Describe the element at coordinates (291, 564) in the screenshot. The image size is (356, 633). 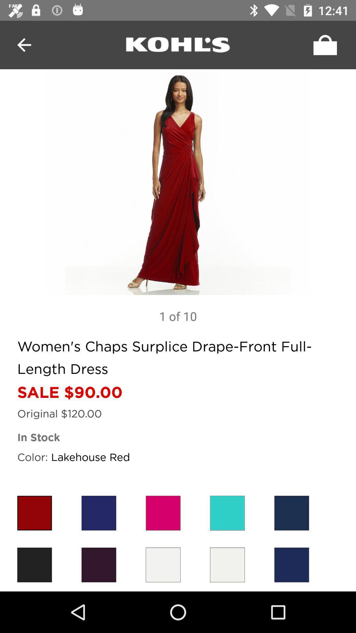
I see `colour choosen` at that location.